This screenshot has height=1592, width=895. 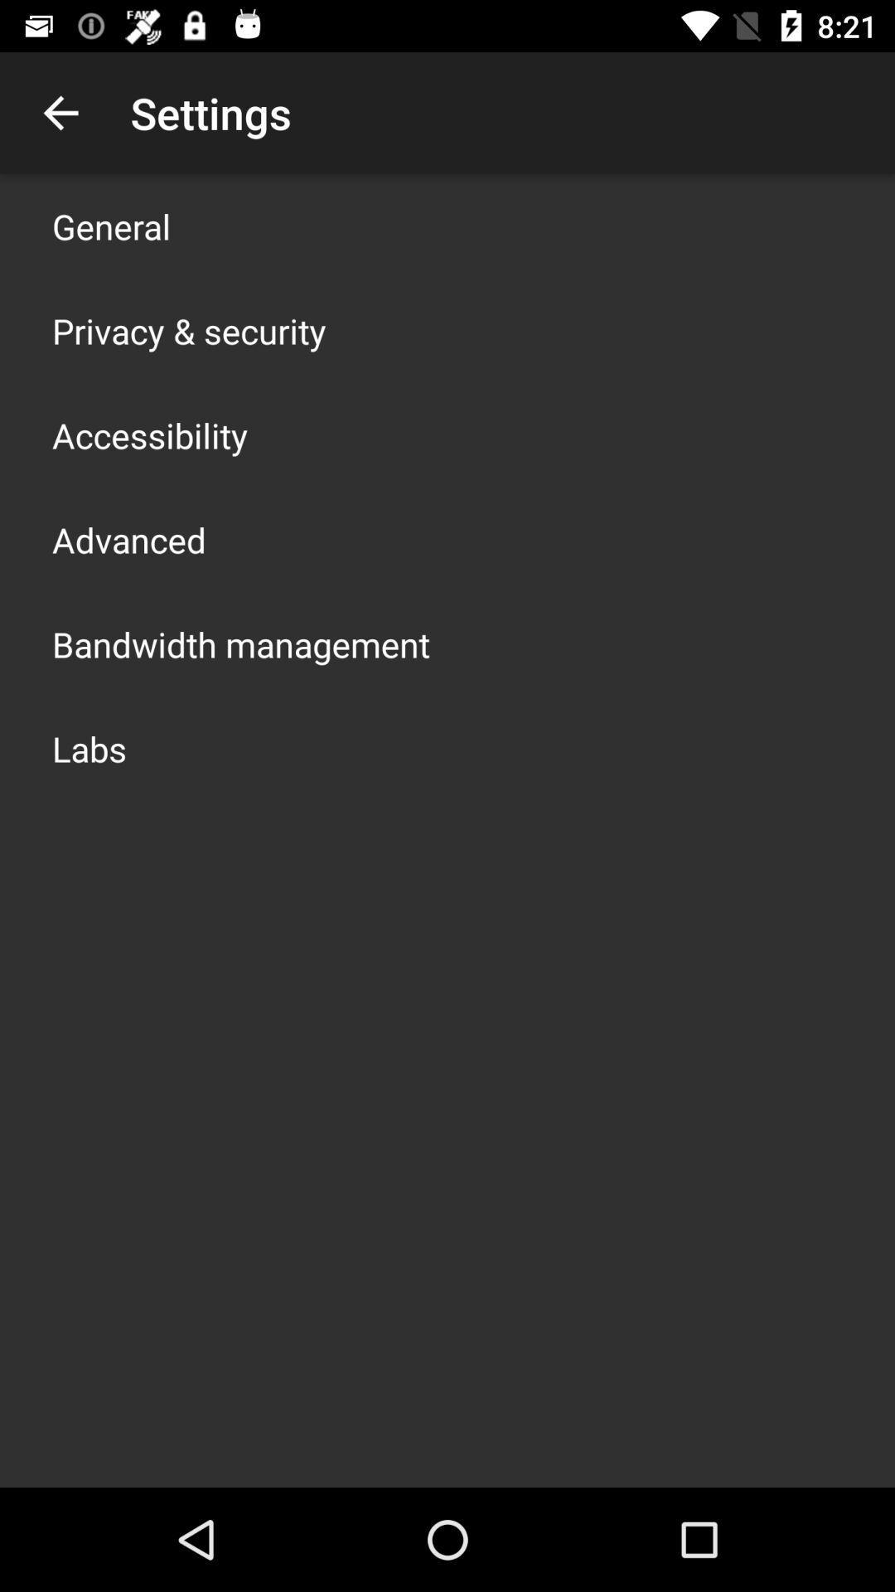 What do you see at coordinates (240, 643) in the screenshot?
I see `the app above labs app` at bounding box center [240, 643].